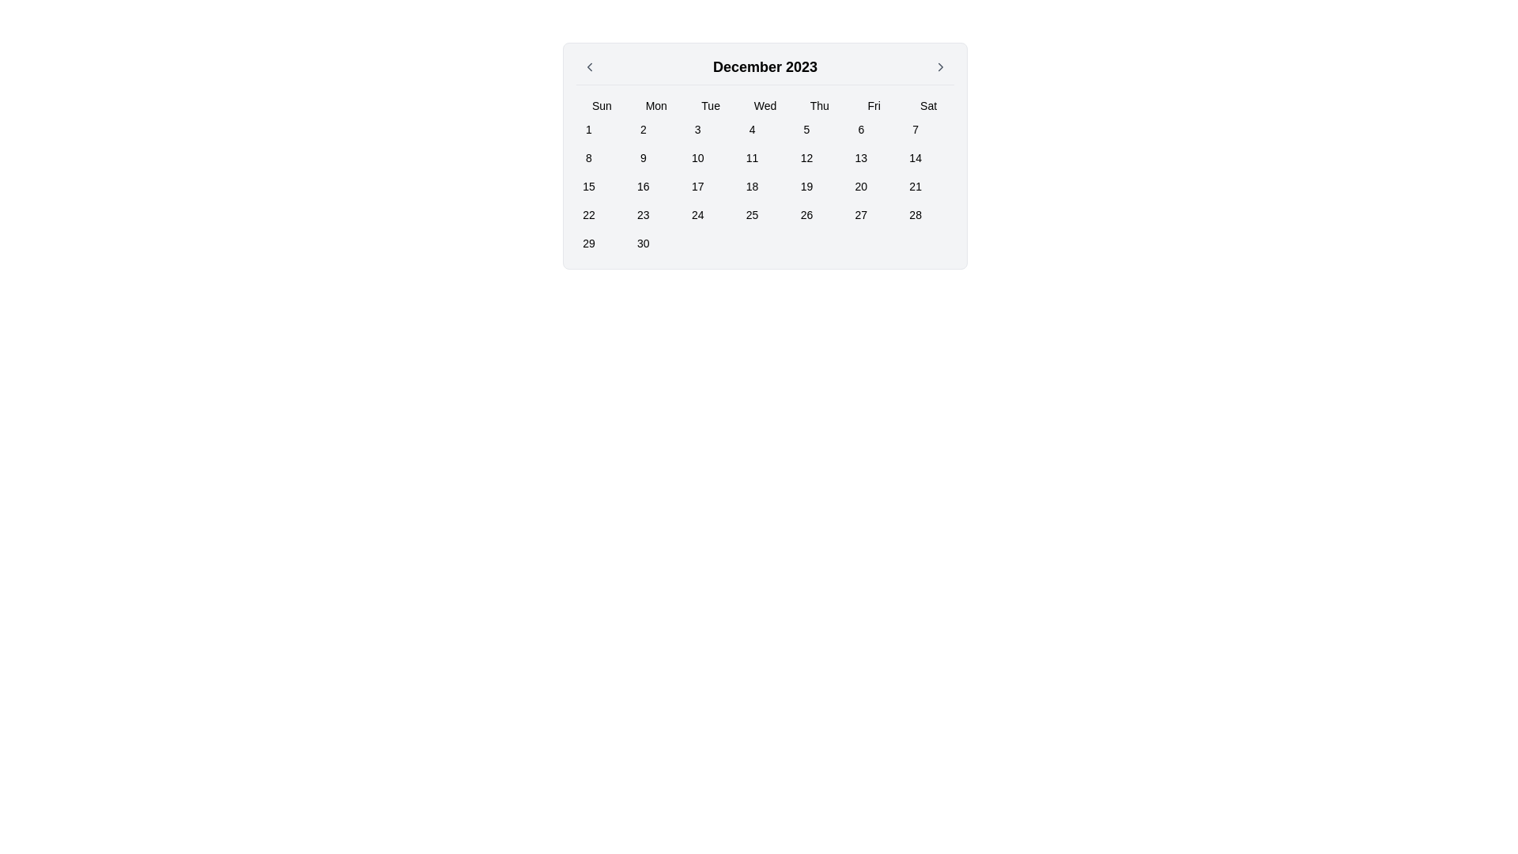 The width and height of the screenshot is (1518, 854). Describe the element at coordinates (765, 156) in the screenshot. I see `a date on the December 2023 calendar by clicking on the corresponding day cell` at that location.